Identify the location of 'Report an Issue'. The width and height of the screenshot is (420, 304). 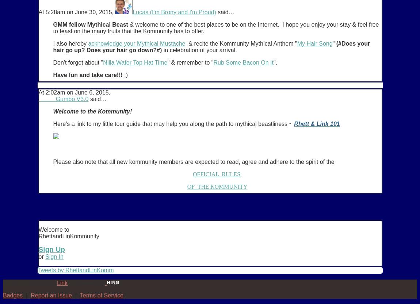
(51, 295).